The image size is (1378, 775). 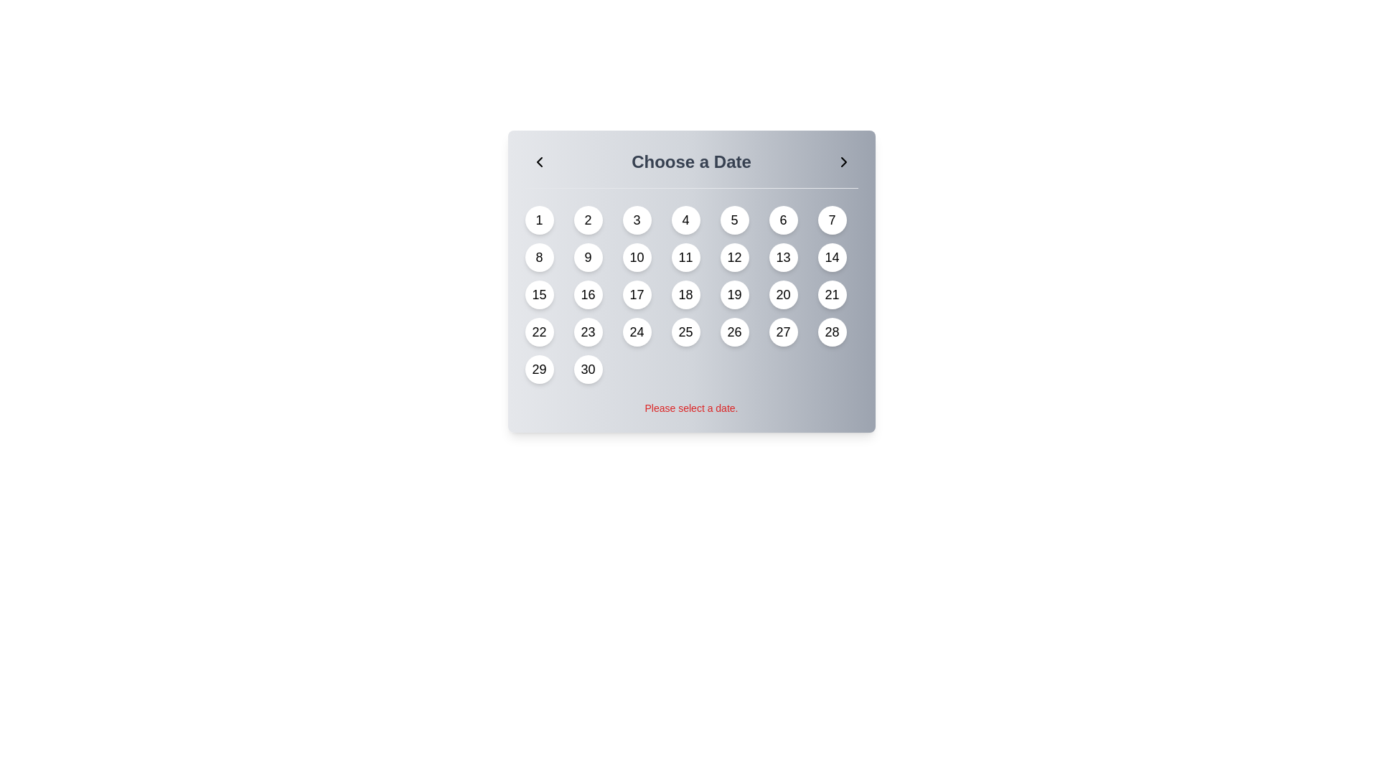 What do you see at coordinates (538, 369) in the screenshot?
I see `on the circular button displaying the number '29' in black bold font, which has a white background and is located in the last row, first column of the grid layout` at bounding box center [538, 369].